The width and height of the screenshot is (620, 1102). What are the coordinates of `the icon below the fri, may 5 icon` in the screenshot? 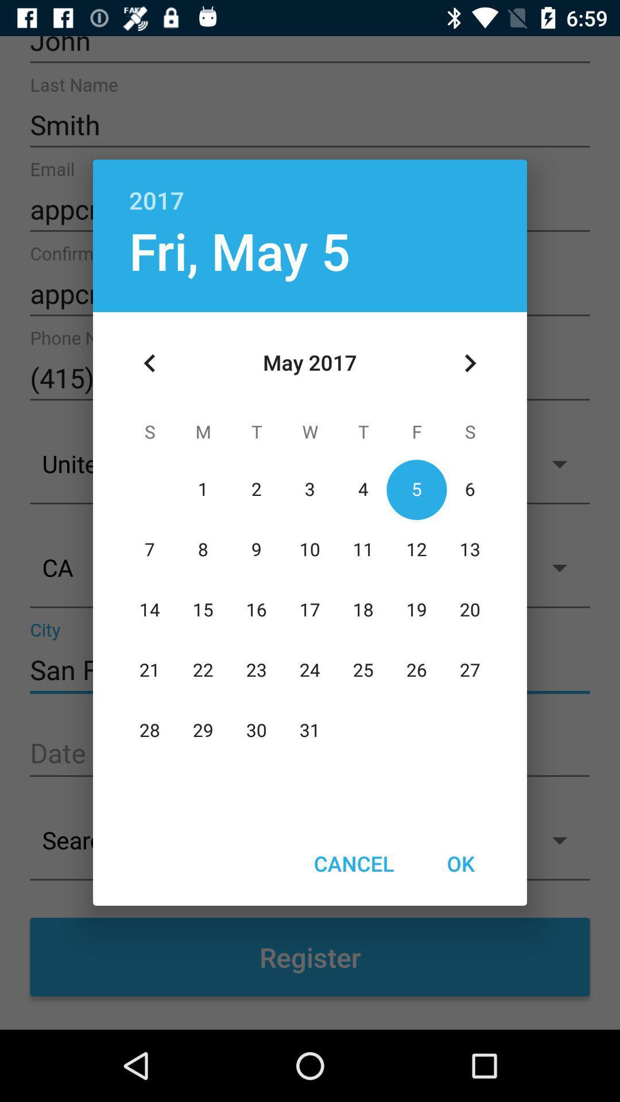 It's located at (149, 363).